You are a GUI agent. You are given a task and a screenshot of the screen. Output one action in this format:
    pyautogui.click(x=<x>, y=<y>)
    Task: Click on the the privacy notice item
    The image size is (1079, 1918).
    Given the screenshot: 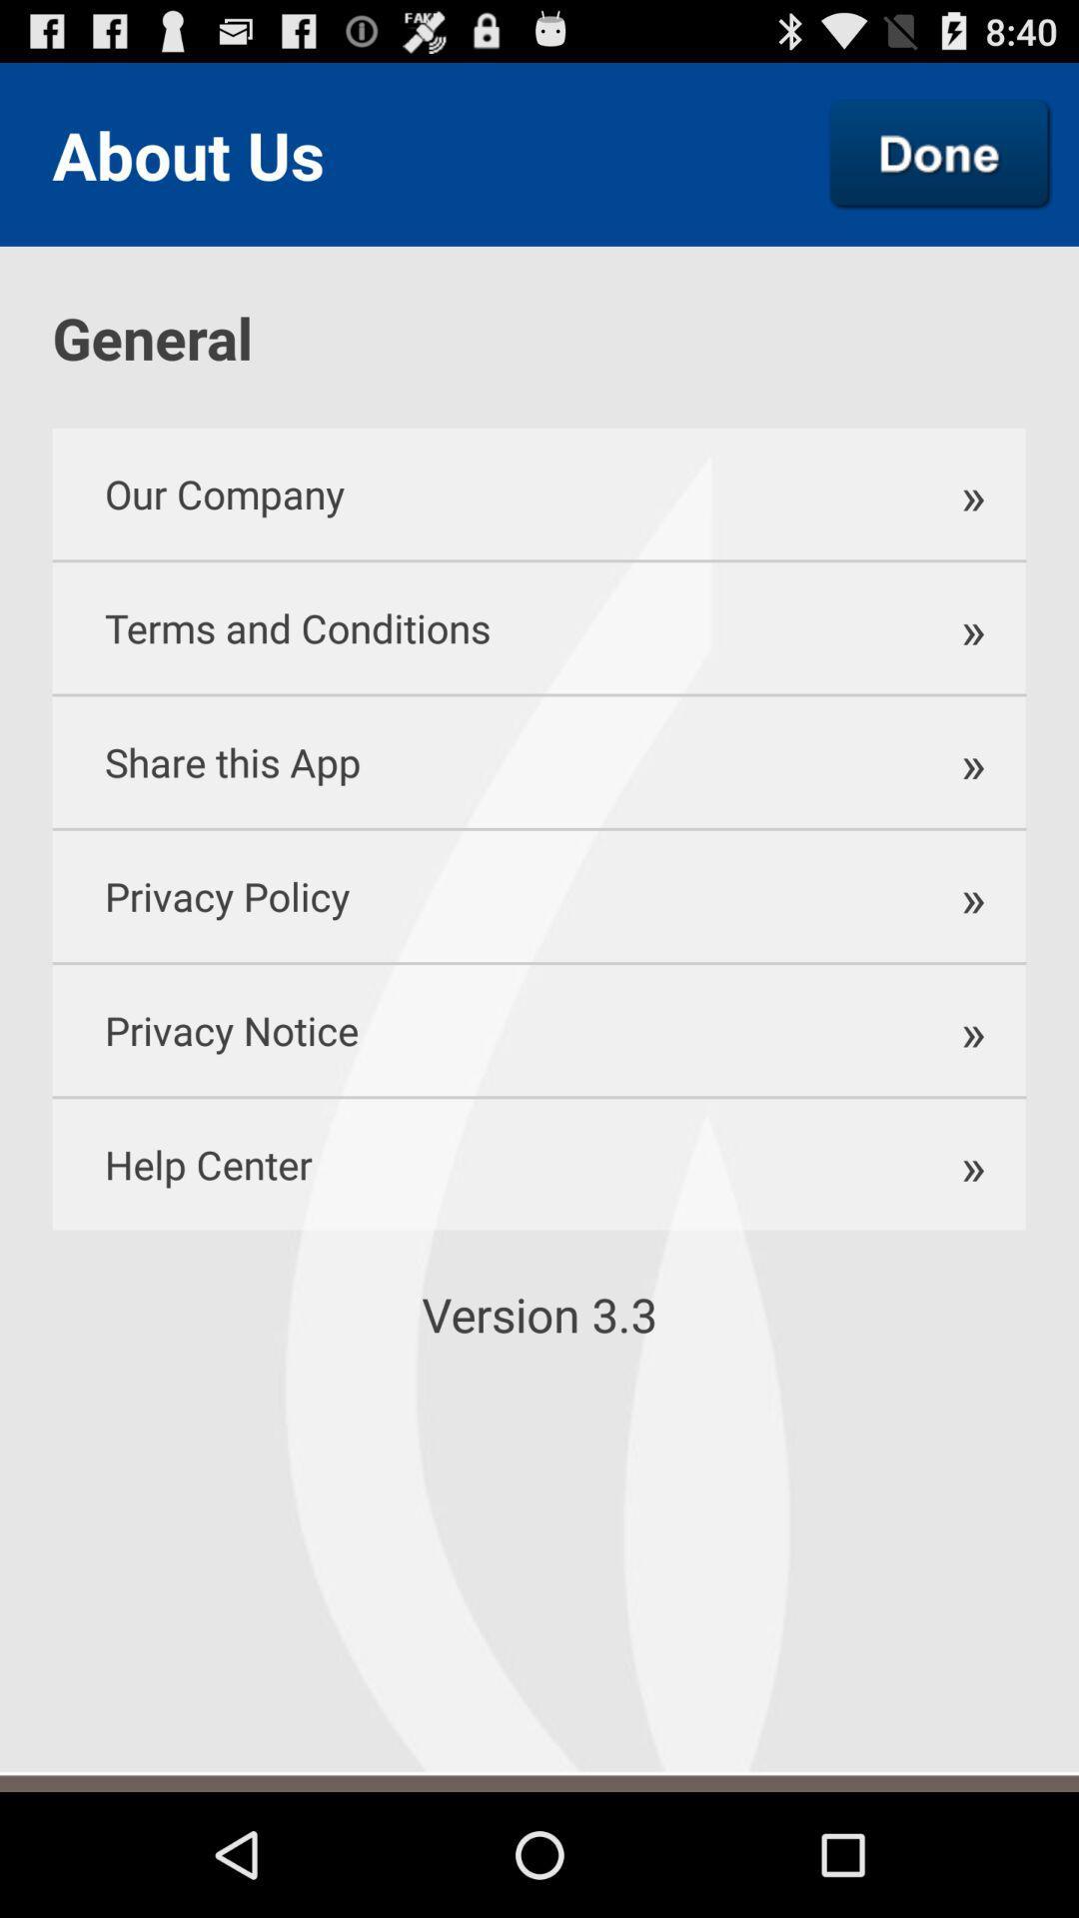 What is the action you would take?
    pyautogui.click(x=477, y=1030)
    